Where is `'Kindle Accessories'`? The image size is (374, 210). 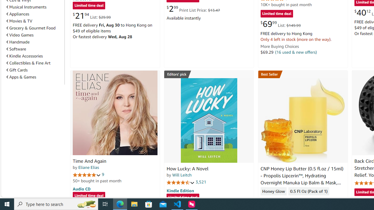
'Kindle Accessories' is located at coordinates (24, 56).